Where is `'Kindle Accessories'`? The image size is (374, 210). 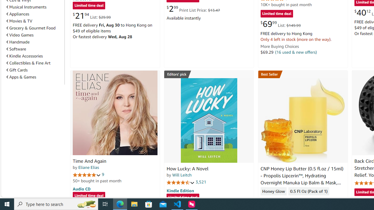
'Kindle Accessories' is located at coordinates (24, 56).